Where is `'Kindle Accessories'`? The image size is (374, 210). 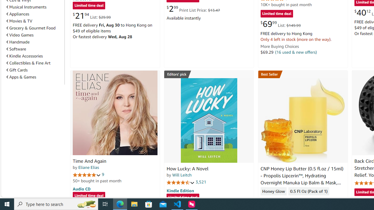
'Kindle Accessories' is located at coordinates (24, 56).